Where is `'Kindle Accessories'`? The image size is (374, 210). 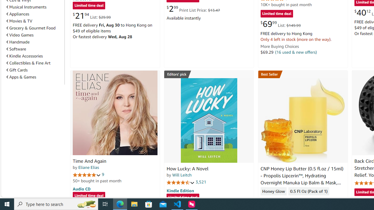
'Kindle Accessories' is located at coordinates (24, 56).